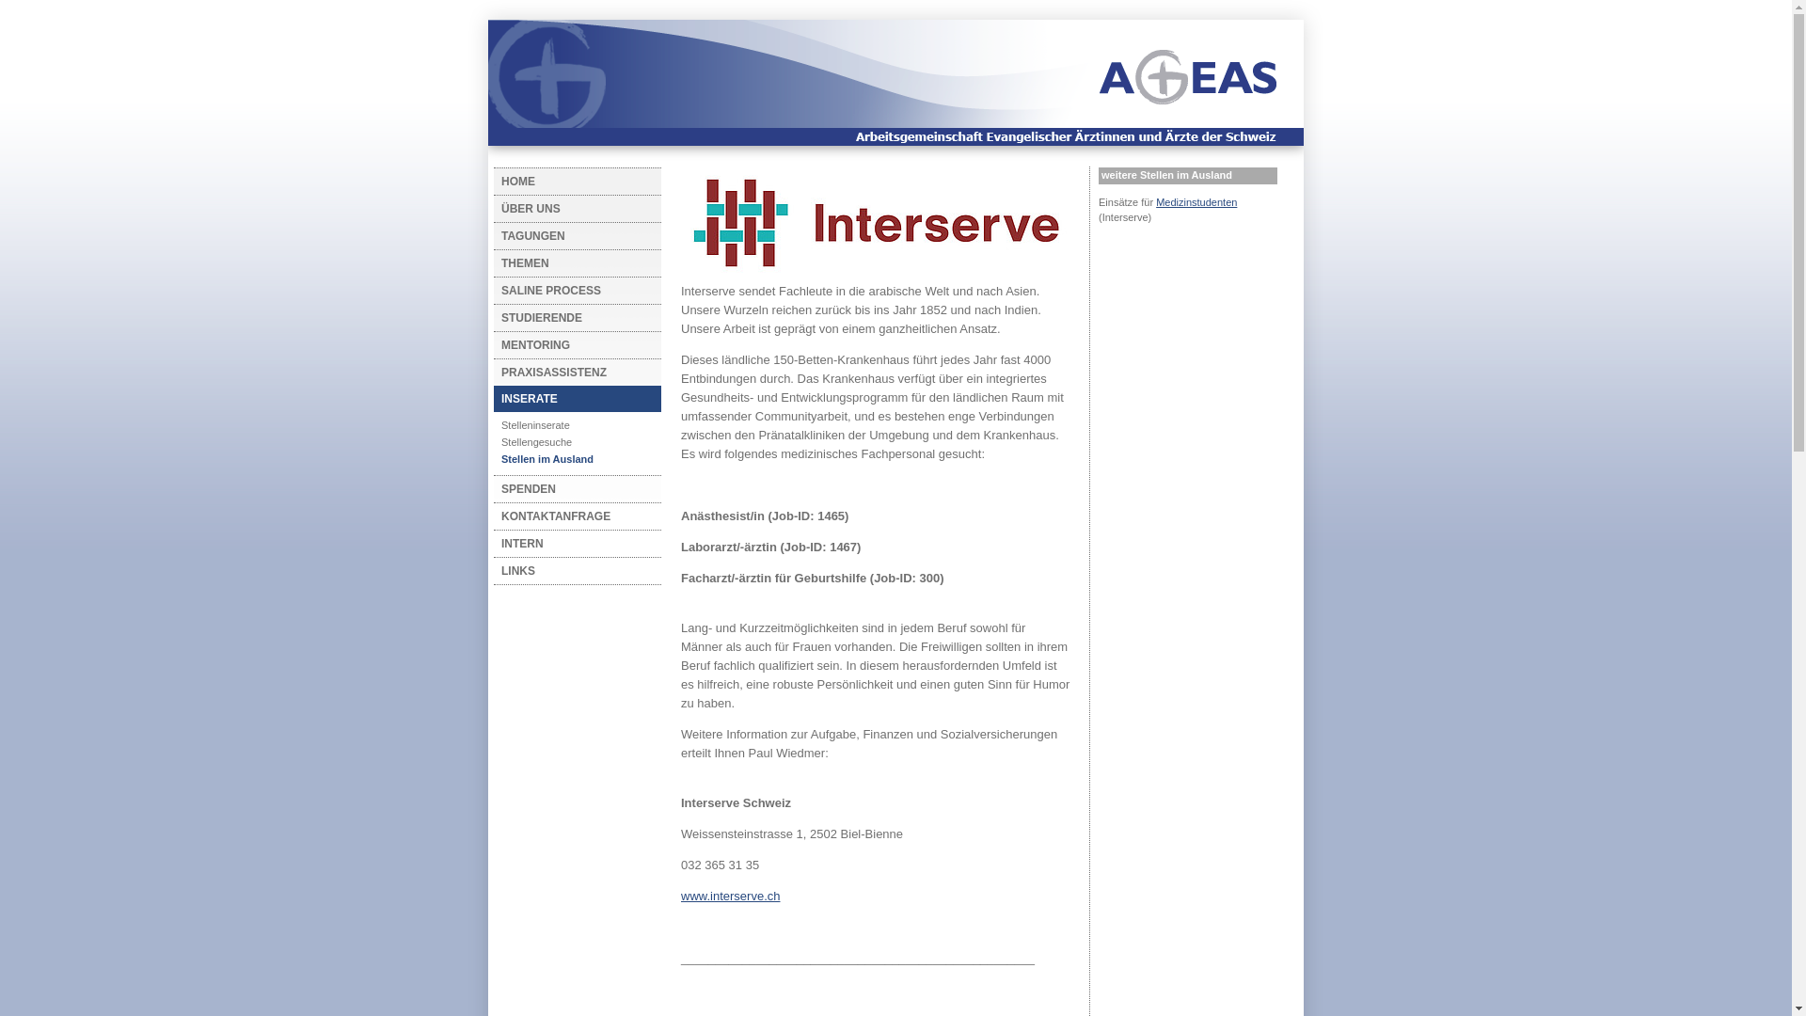  What do you see at coordinates (570, 290) in the screenshot?
I see `'SALINE PROCESS'` at bounding box center [570, 290].